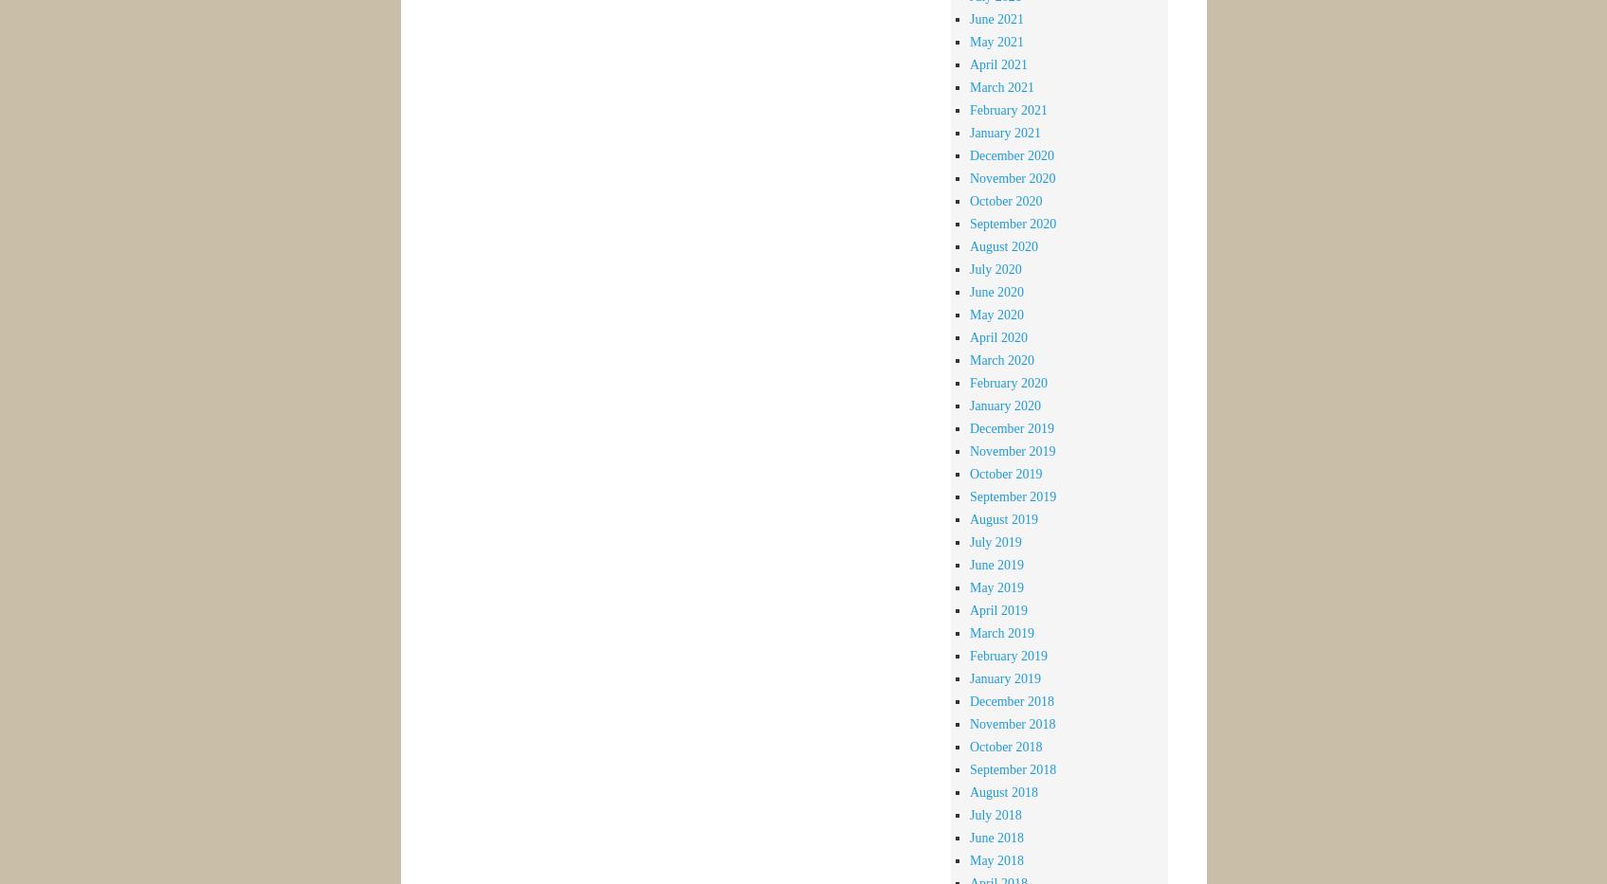 The image size is (1607, 884). Describe the element at coordinates (996, 837) in the screenshot. I see `'June 2018'` at that location.